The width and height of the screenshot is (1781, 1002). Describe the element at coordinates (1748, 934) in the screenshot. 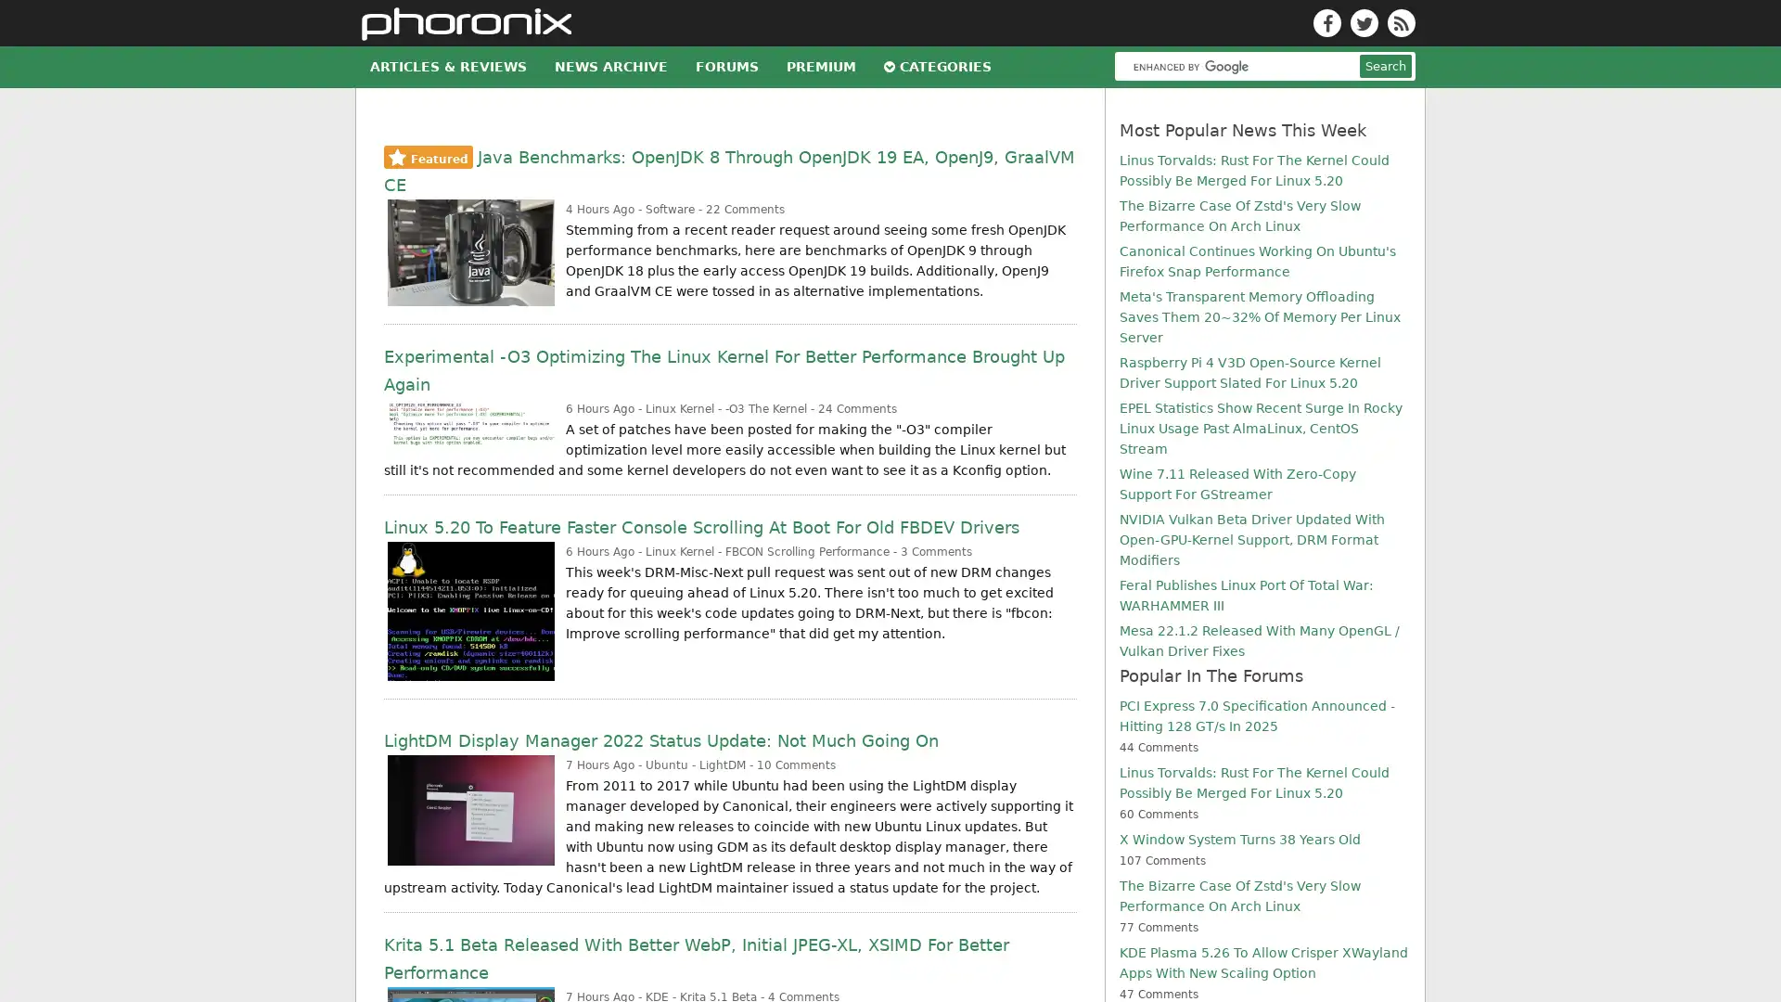

I see `Close Ad` at that location.